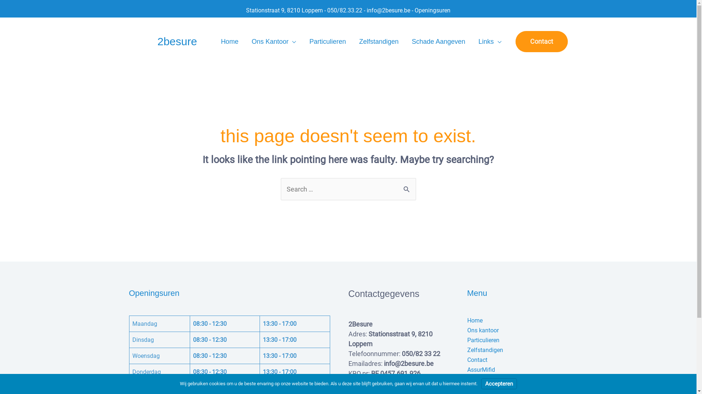 Image resolution: width=702 pixels, height=394 pixels. Describe the element at coordinates (432, 10) in the screenshot. I see `'Openingsuren'` at that location.